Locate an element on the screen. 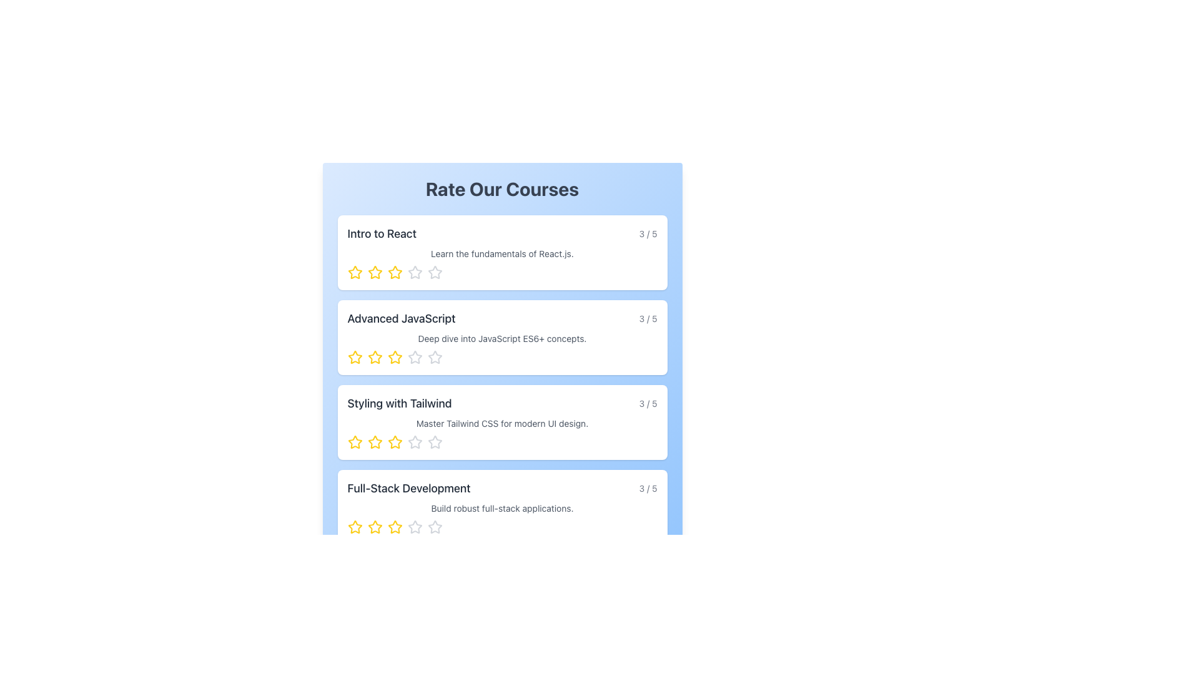 The width and height of the screenshot is (1199, 674). the fourth star icon in the rating row under the 'Advanced JavaScript' course to set or adjust the rating is located at coordinates (435, 357).